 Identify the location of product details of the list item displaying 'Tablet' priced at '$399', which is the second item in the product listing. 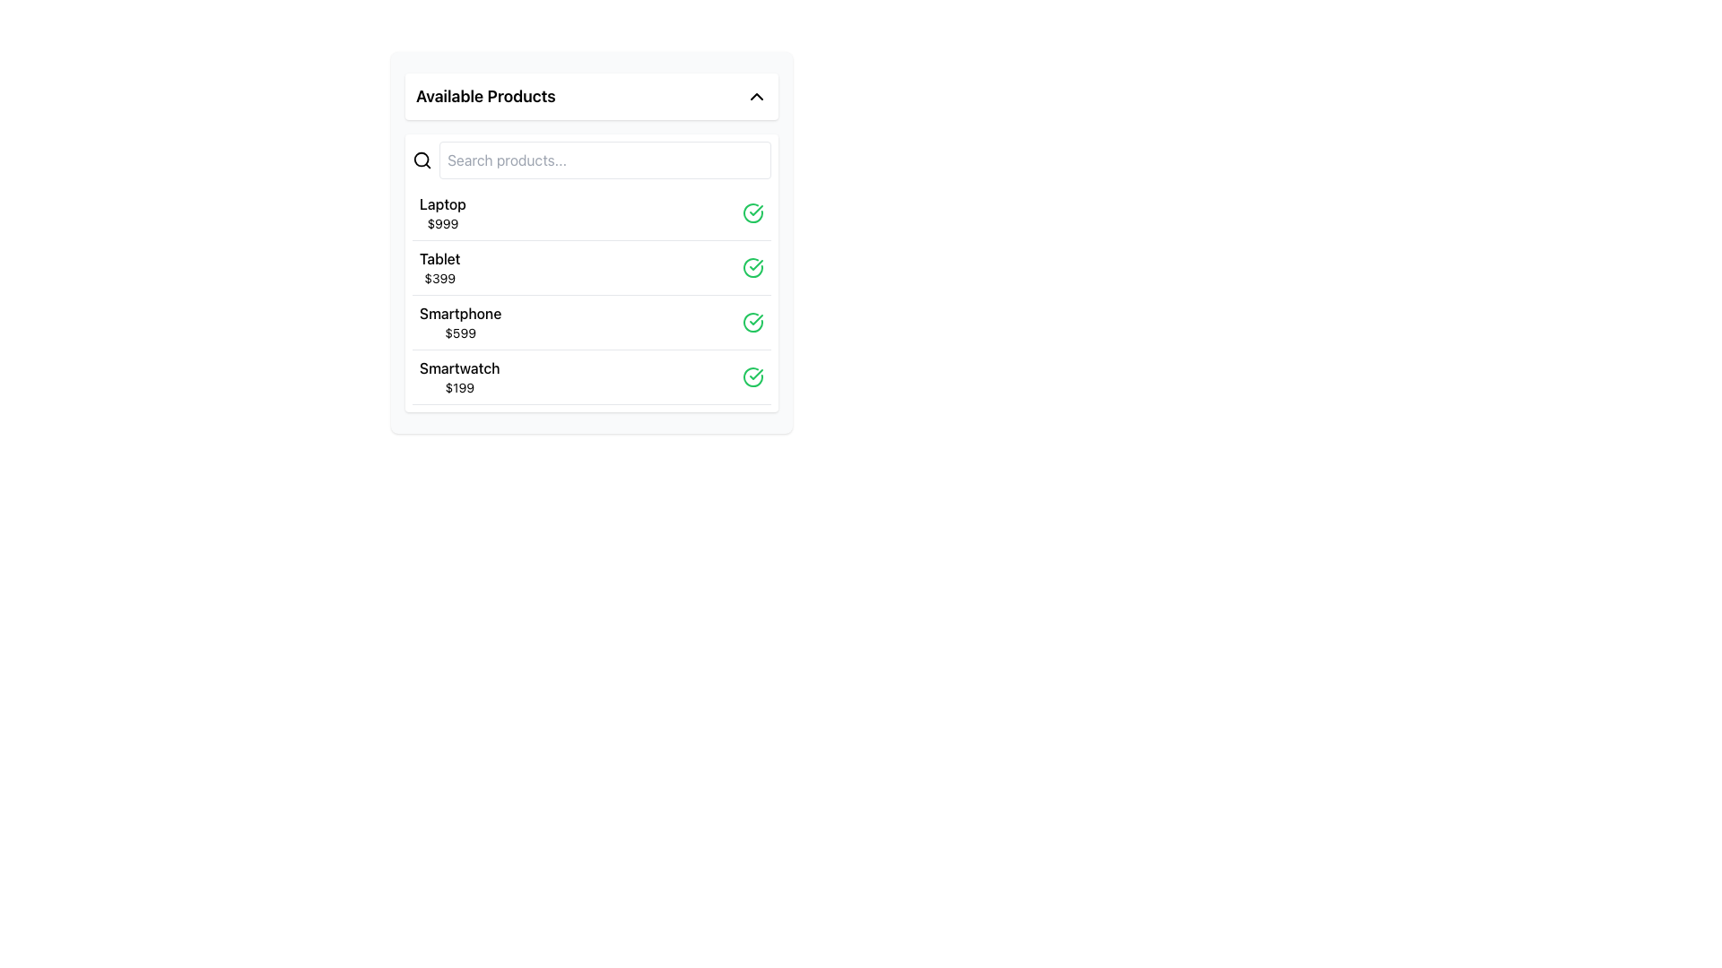
(592, 268).